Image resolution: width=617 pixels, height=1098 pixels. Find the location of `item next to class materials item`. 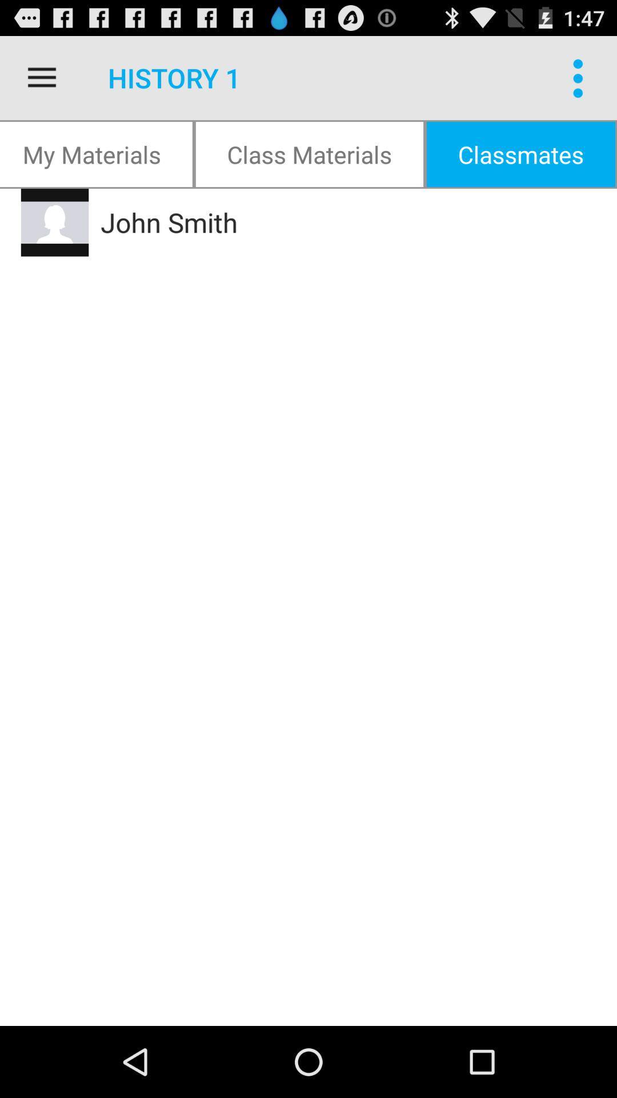

item next to class materials item is located at coordinates (520, 153).